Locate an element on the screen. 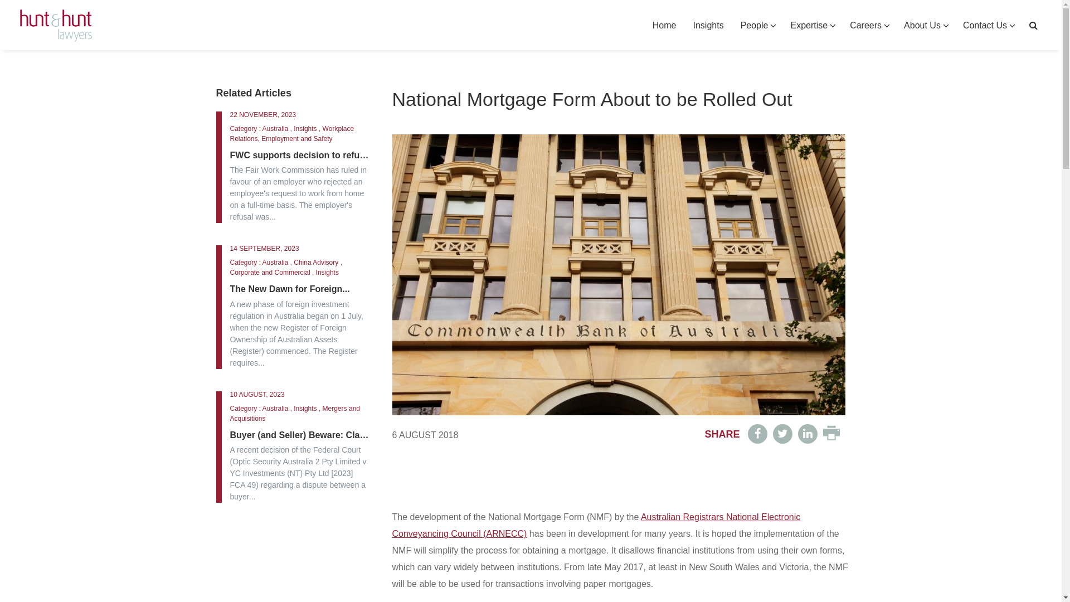 The height and width of the screenshot is (602, 1070). 'Mergers and Acquisitions' is located at coordinates (229, 413).